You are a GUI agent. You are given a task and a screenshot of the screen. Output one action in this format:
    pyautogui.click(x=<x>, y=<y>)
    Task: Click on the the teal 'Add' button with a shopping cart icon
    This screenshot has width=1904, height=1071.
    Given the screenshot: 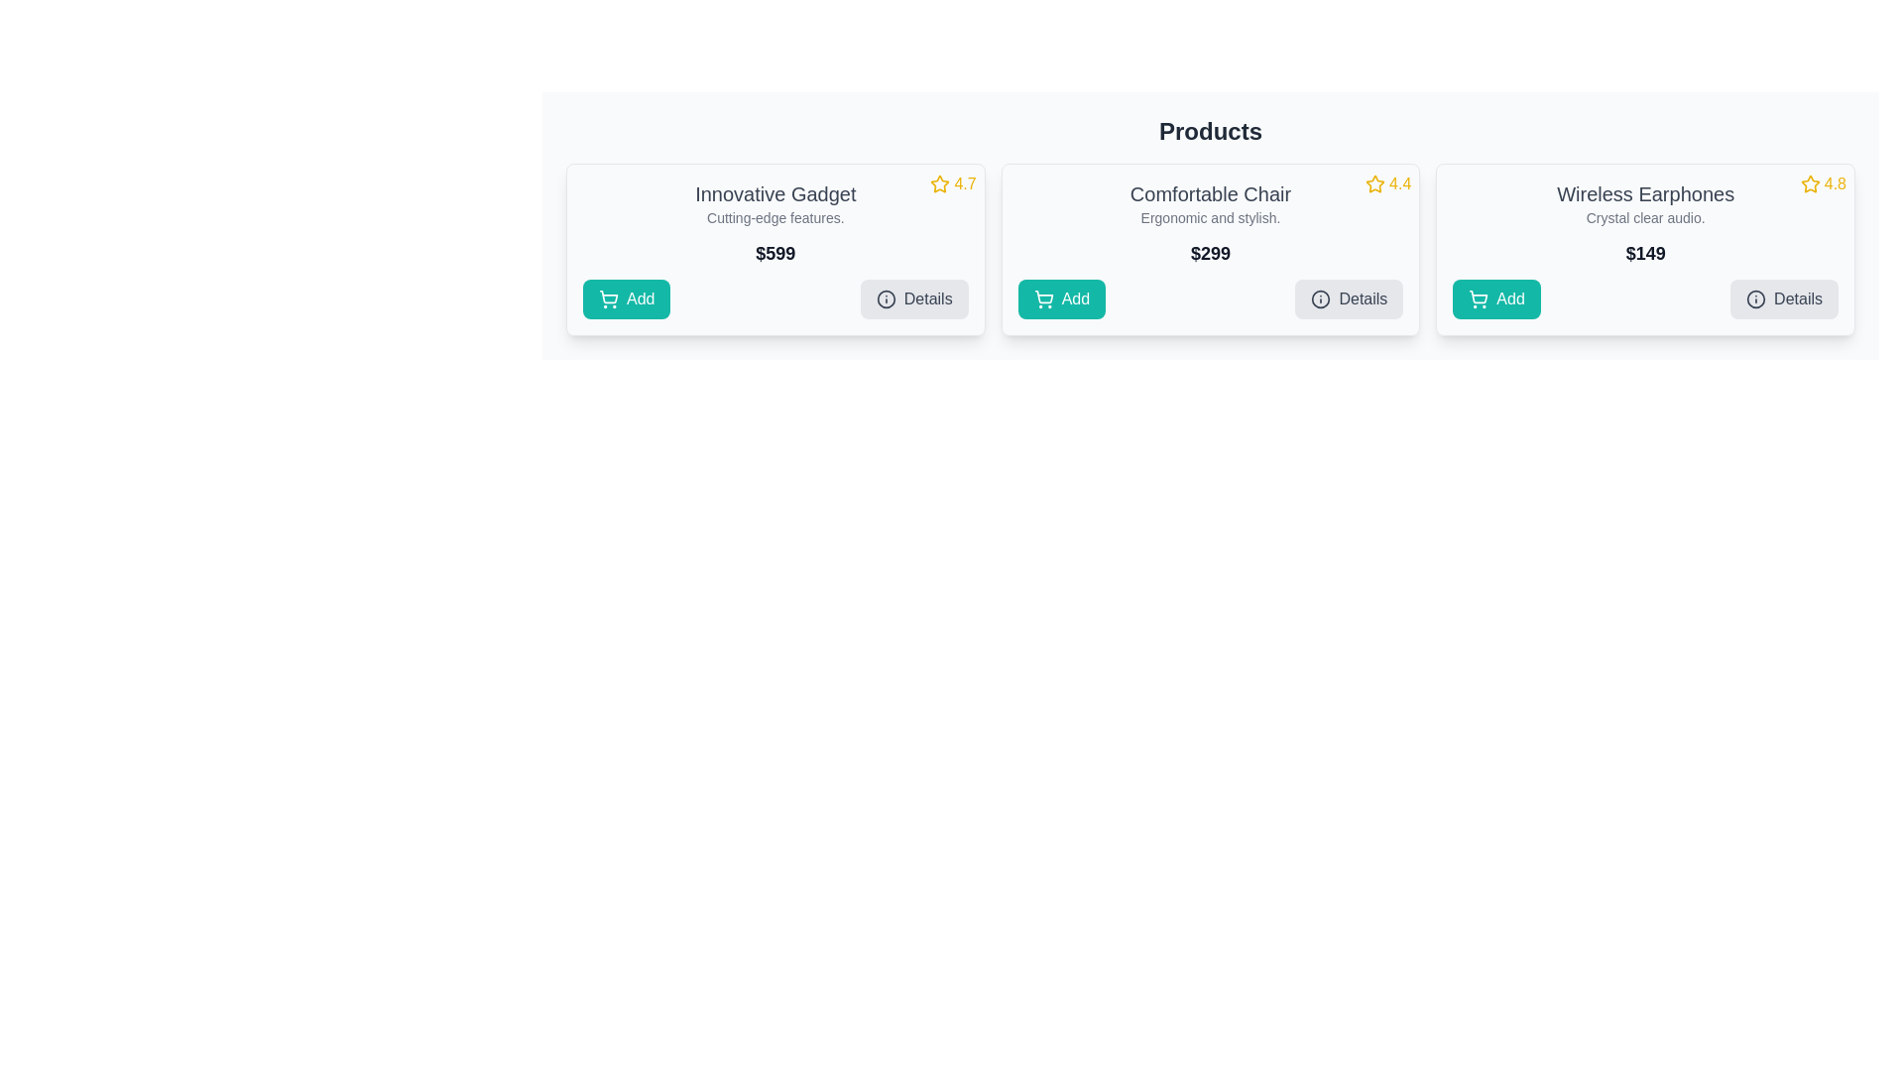 What is the action you would take?
    pyautogui.click(x=1060, y=298)
    